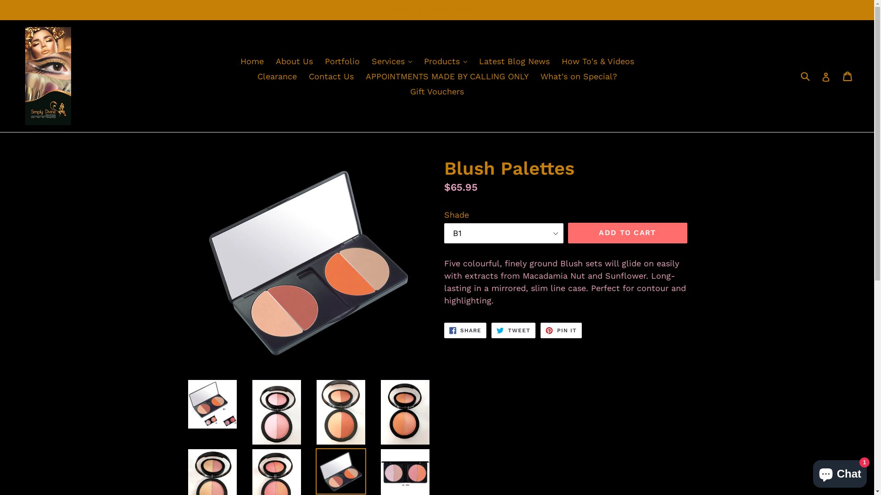 The image size is (881, 495). Describe the element at coordinates (561, 330) in the screenshot. I see `'PIN IT` at that location.